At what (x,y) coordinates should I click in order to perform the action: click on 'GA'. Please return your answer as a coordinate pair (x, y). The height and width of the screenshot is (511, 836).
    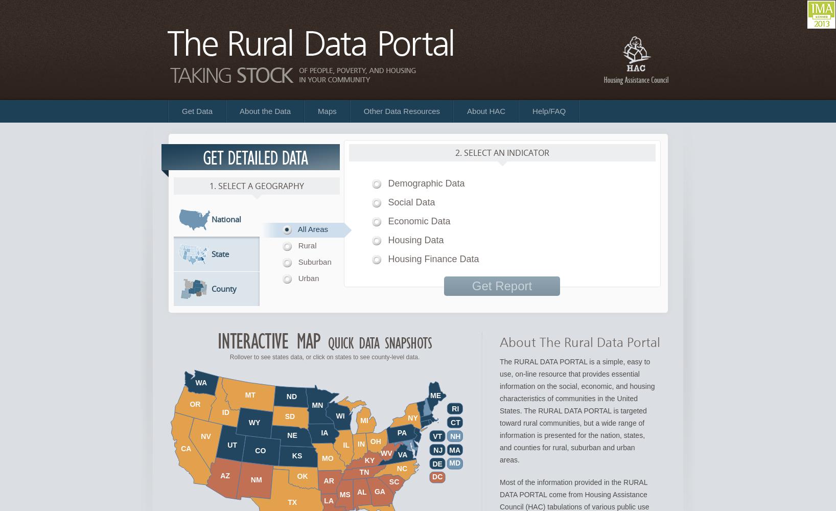
    Looking at the image, I should click on (379, 491).